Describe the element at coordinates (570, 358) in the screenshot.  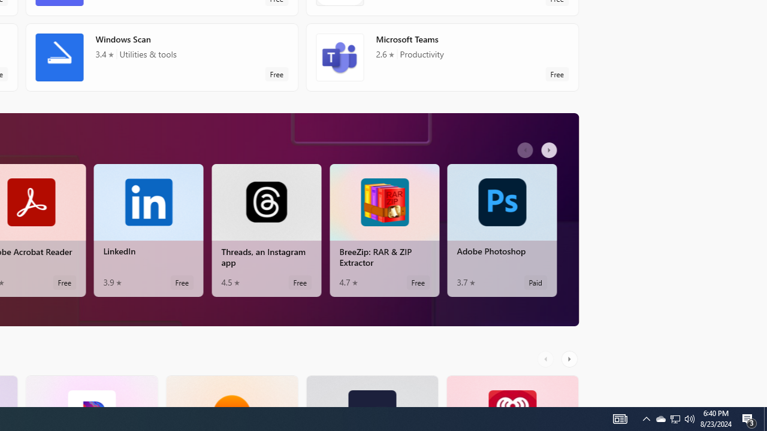
I see `'AutomationID: RightScrollButton'` at that location.